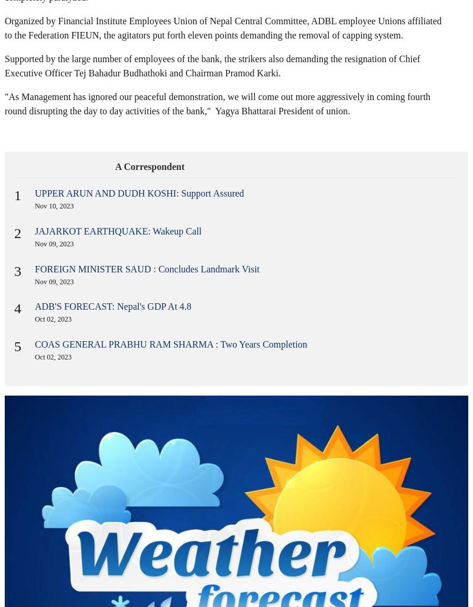 This screenshot has width=473, height=607. What do you see at coordinates (222, 28) in the screenshot?
I see `'Organized by Financial Institute Employees Union of Nepal Central Committee, ADBL employee Unions affiliated to the Federation FIEUN, the agitators put forth eleven points demanding the removal of capping system.'` at bounding box center [222, 28].